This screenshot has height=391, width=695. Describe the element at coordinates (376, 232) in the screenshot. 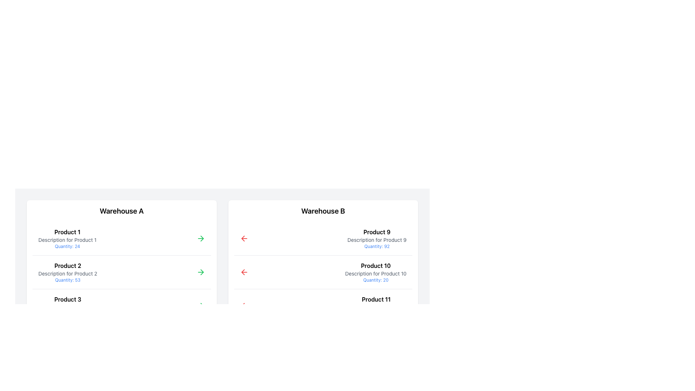

I see `the bold-text label displaying 'Product 9' located in the top-right section of the 'Warehouse B' column` at that location.